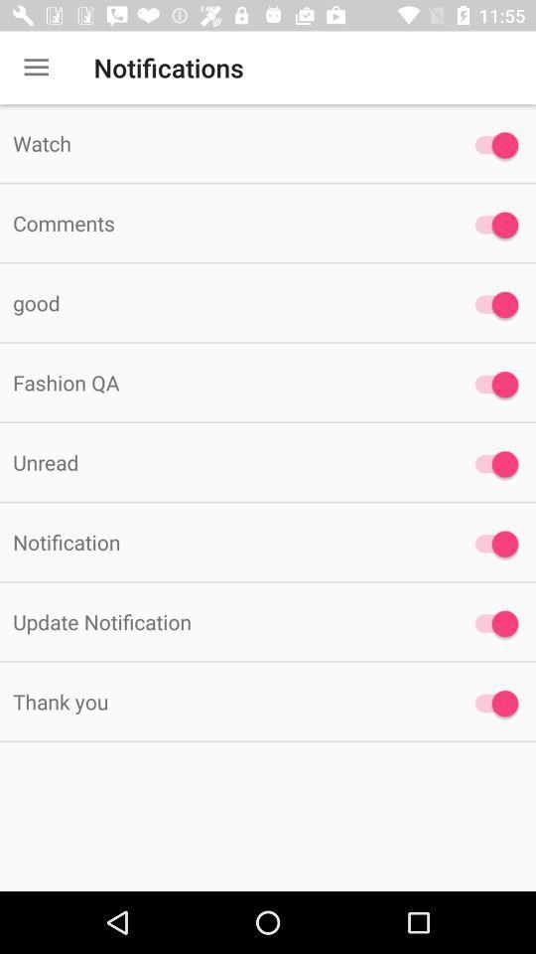  I want to click on search it, so click(490, 544).